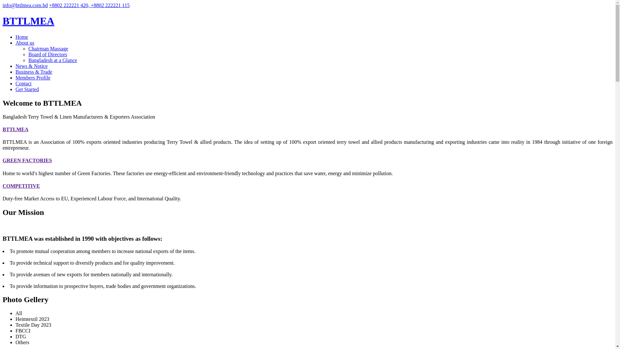 This screenshot has height=349, width=620. I want to click on '+8802 222221 420, +8802 222221 115', so click(89, 5).